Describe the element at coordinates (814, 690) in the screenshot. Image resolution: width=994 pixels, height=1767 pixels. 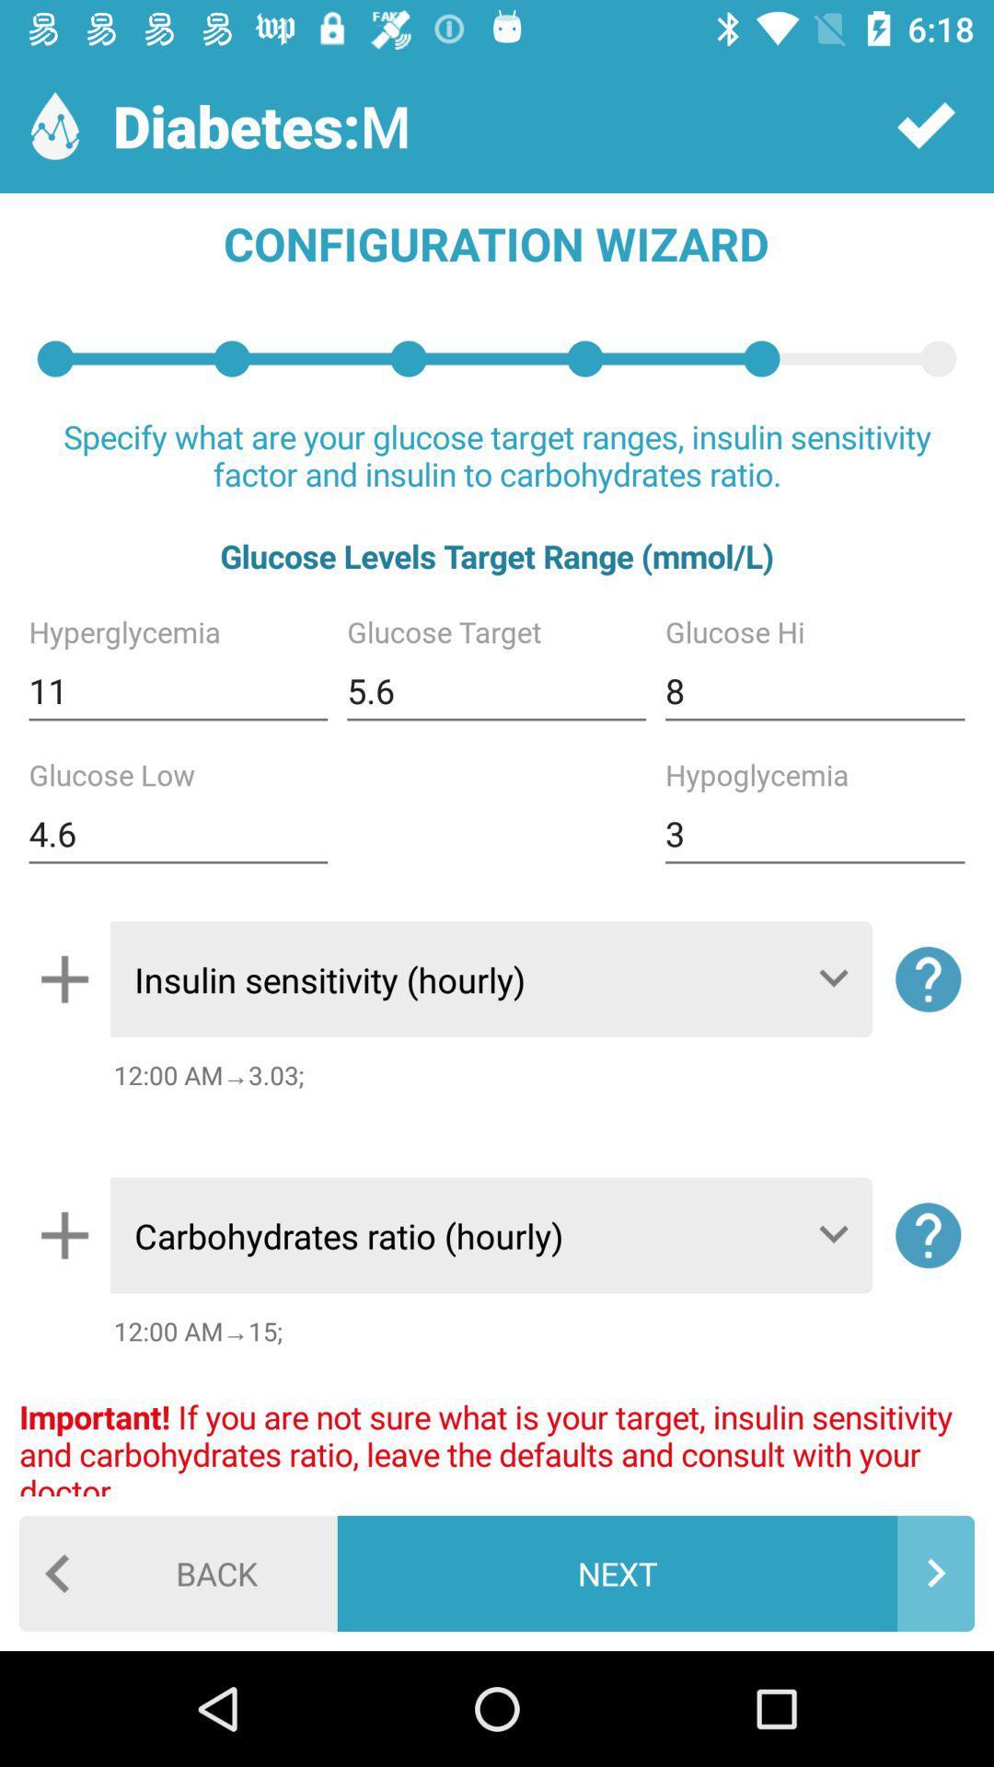
I see `8 icon` at that location.